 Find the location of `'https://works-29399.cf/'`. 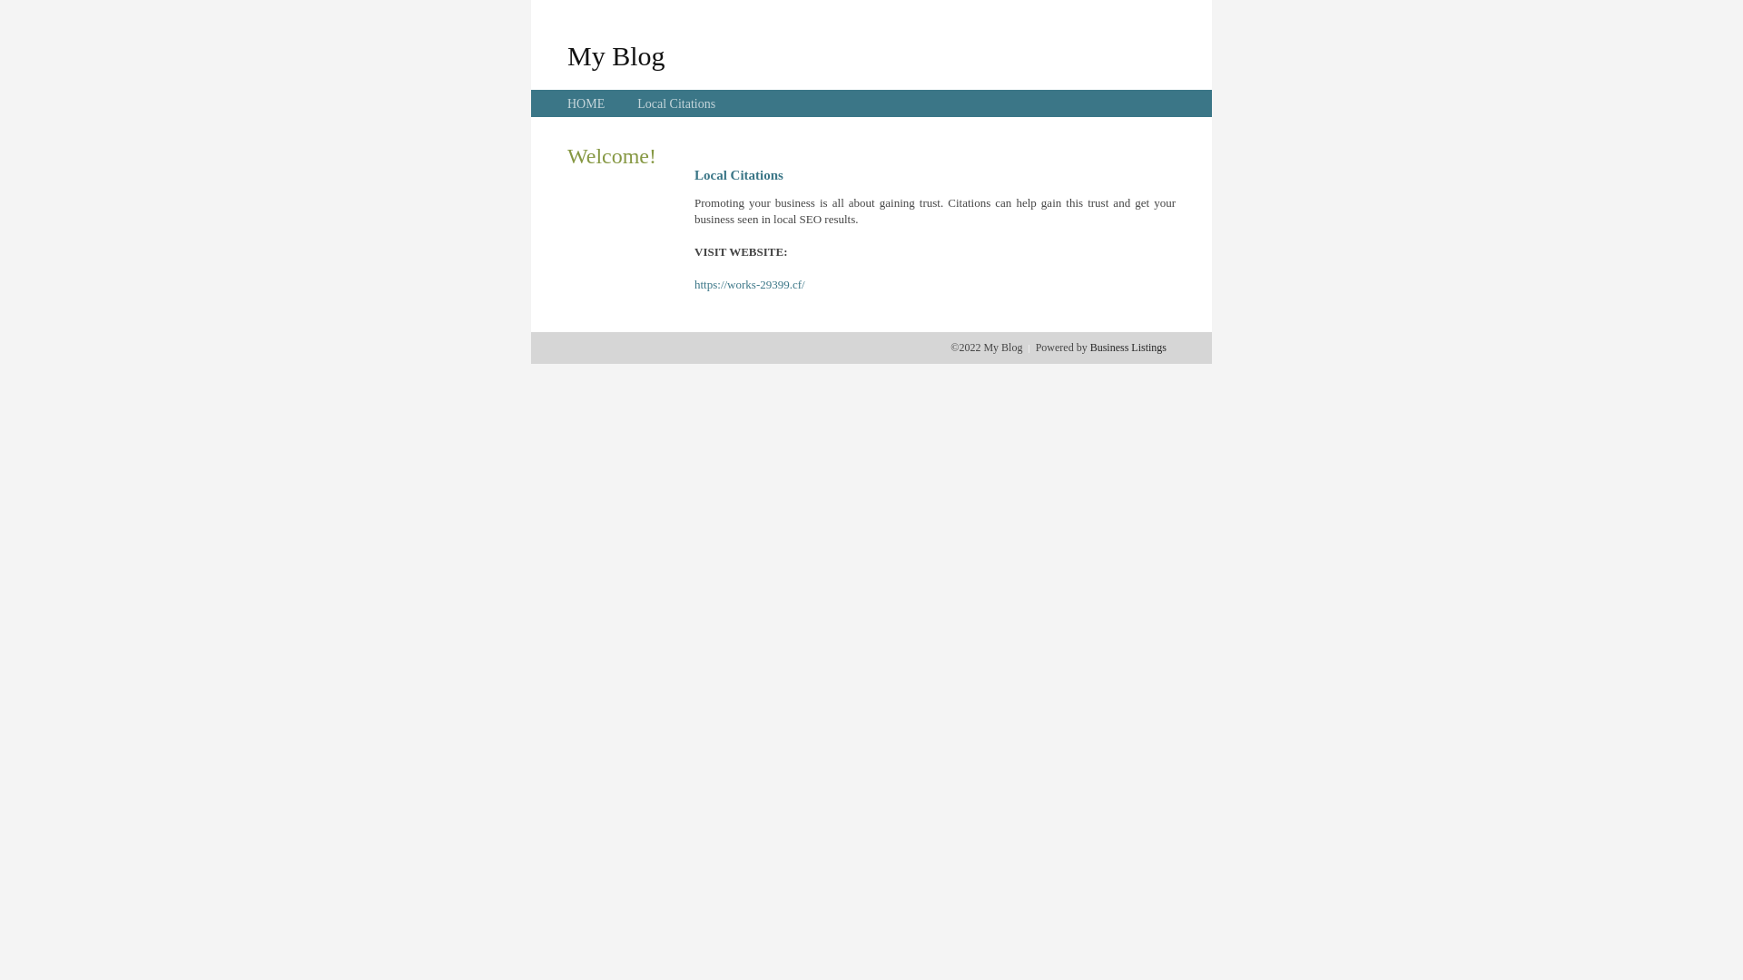

'https://works-29399.cf/' is located at coordinates (749, 284).